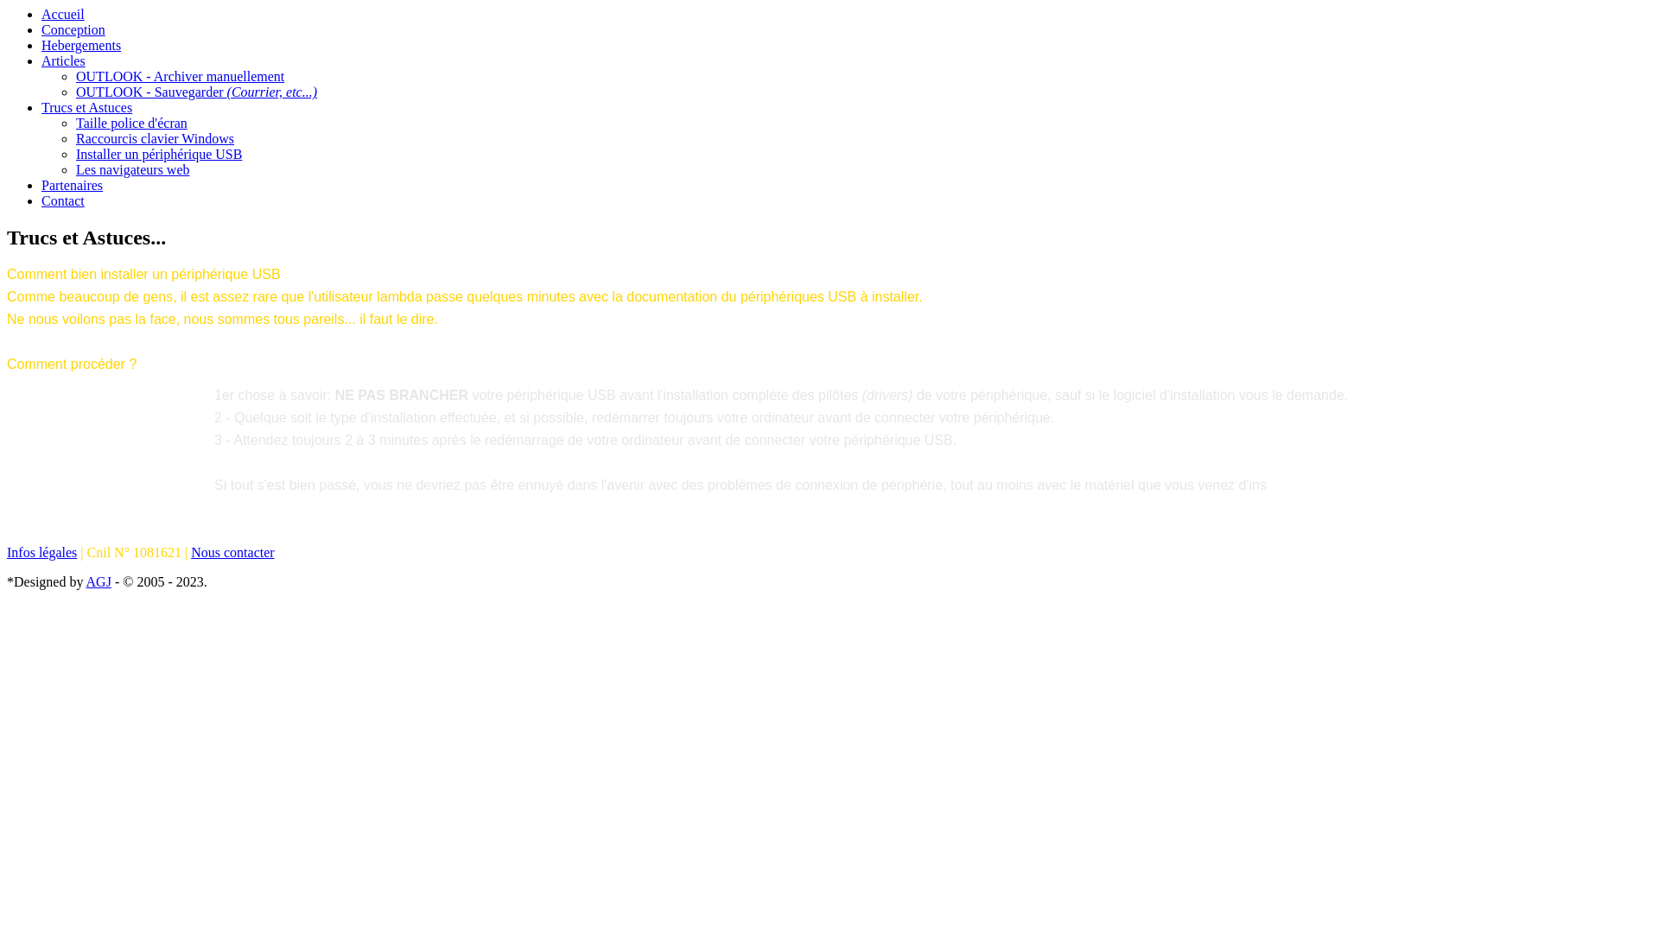 This screenshot has width=1659, height=933. What do you see at coordinates (73, 29) in the screenshot?
I see `'Conception'` at bounding box center [73, 29].